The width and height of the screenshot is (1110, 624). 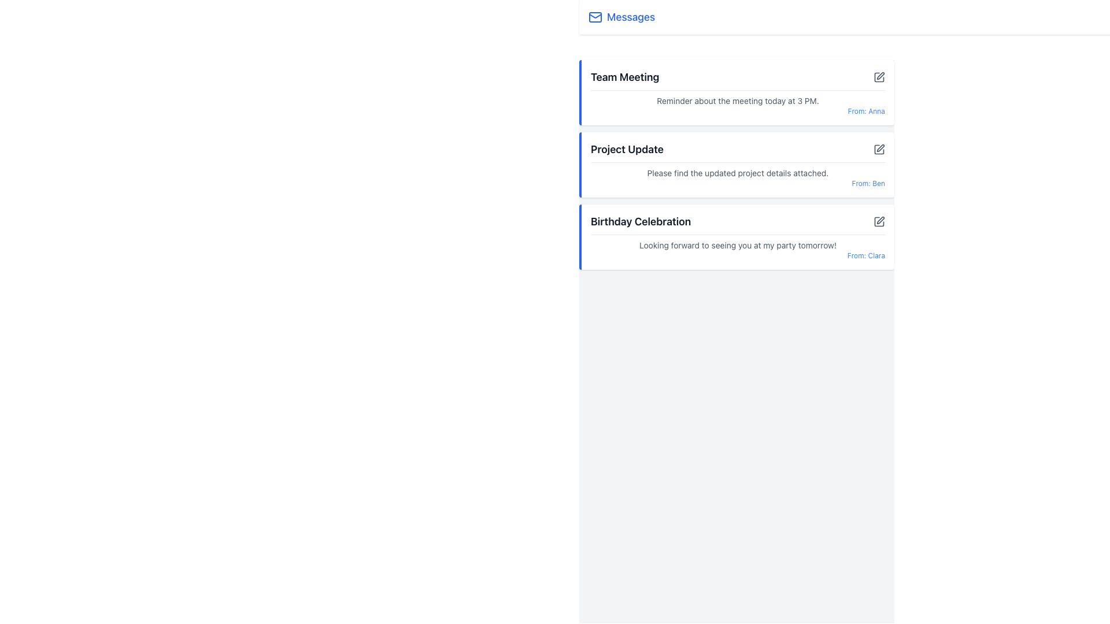 What do you see at coordinates (630, 17) in the screenshot?
I see `the 'Messages' static text located in the header section near the top-right corner of the application, adjacent to the mail icon` at bounding box center [630, 17].